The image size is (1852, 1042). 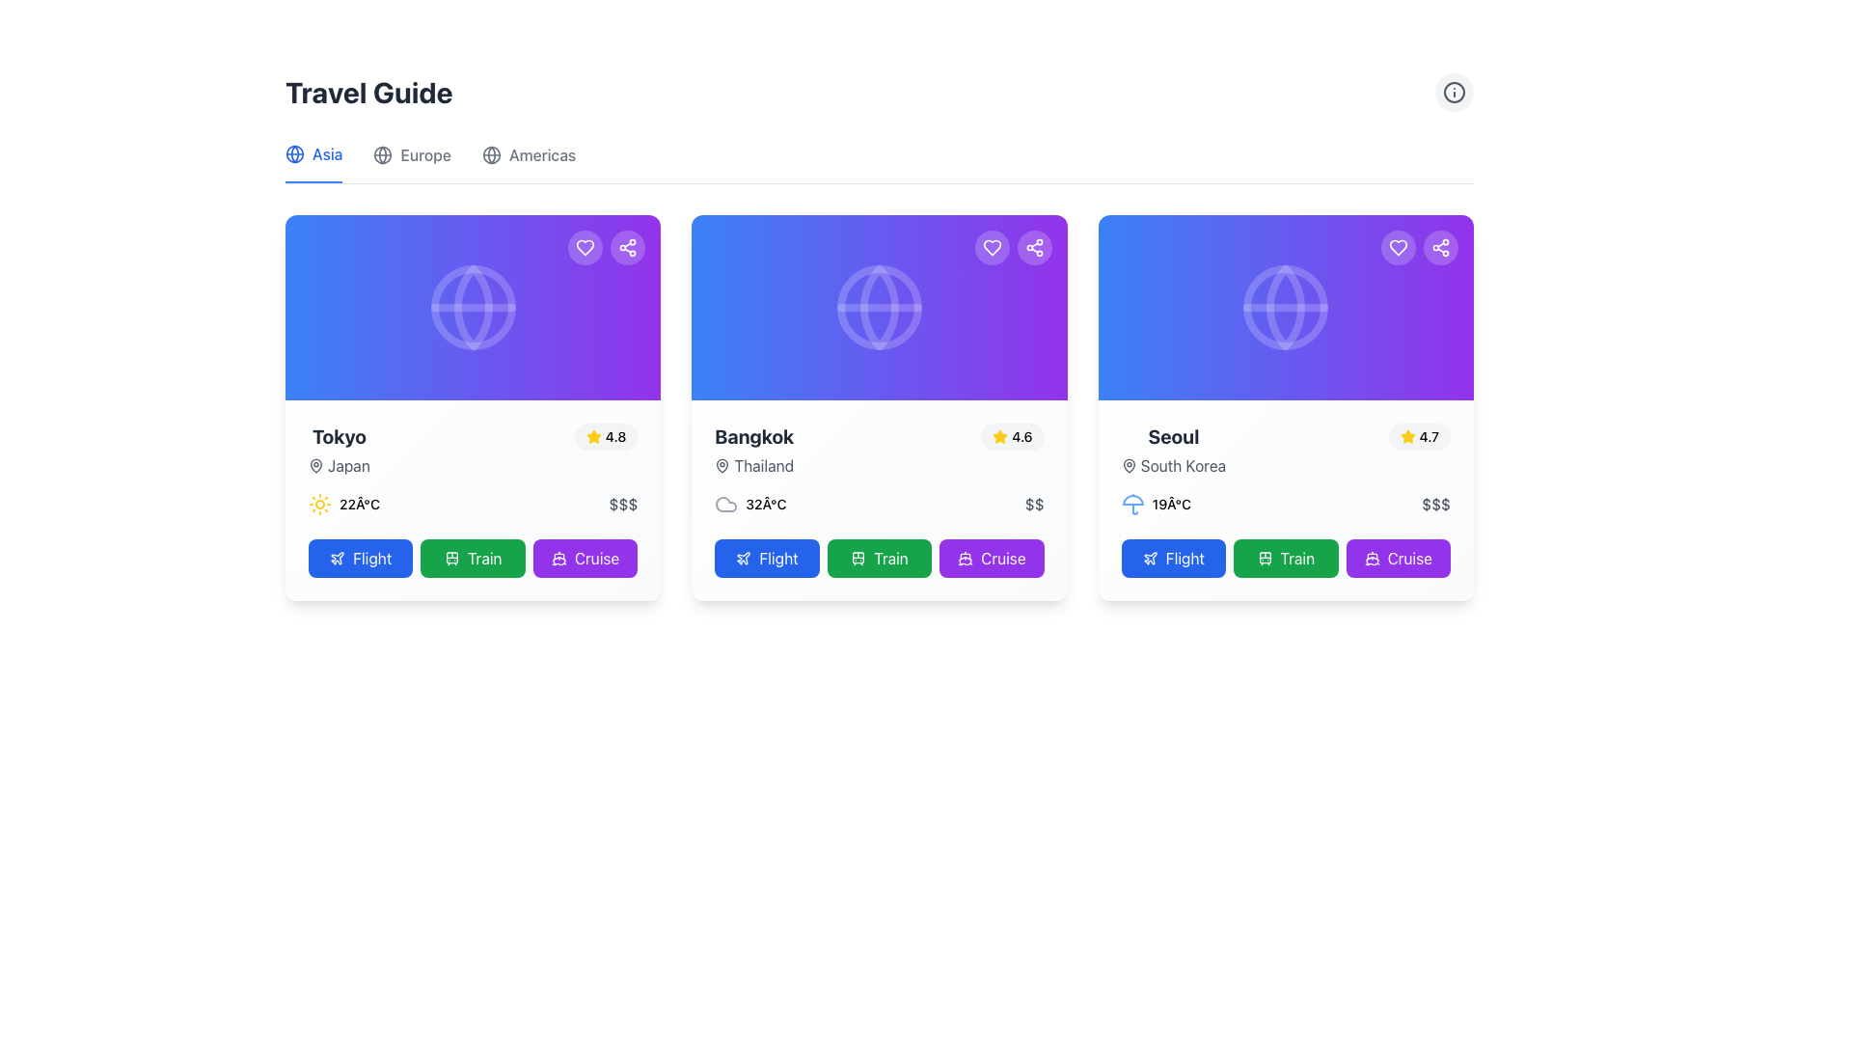 I want to click on text content of the label displaying 'Americas', which is the third item in a horizontal list of continent names, styled in gray color and positioned between 'Europe' and other content, so click(x=541, y=154).